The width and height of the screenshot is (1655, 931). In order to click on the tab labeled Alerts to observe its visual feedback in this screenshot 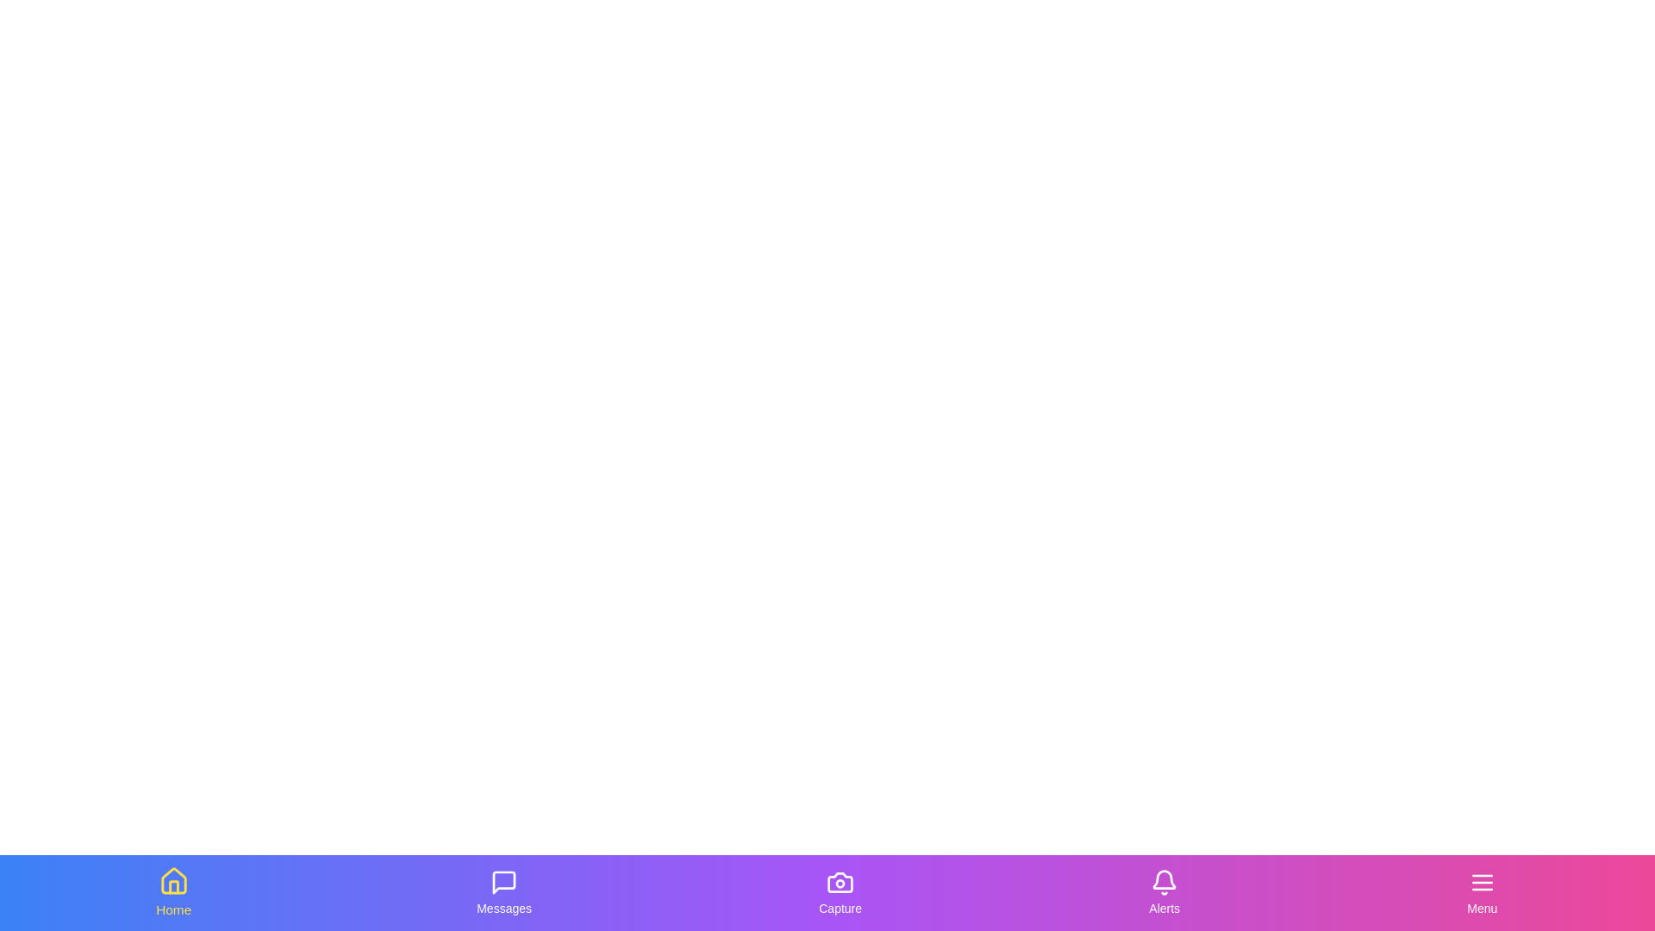, I will do `click(1164, 892)`.